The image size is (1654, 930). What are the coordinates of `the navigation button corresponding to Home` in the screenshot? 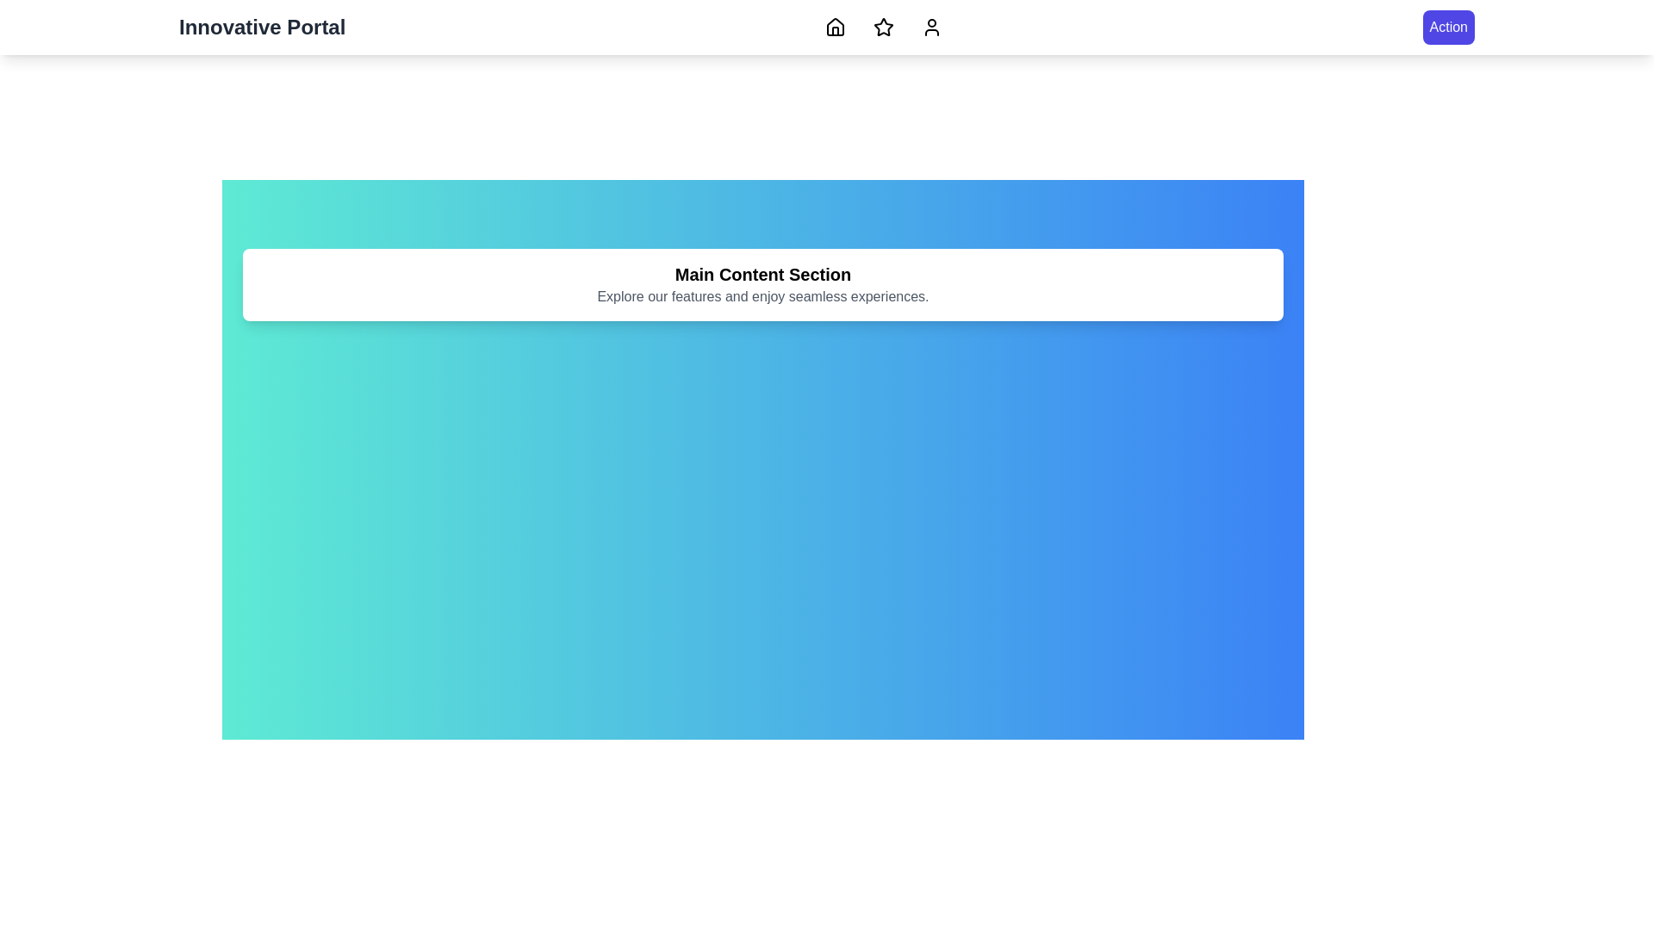 It's located at (835, 27).